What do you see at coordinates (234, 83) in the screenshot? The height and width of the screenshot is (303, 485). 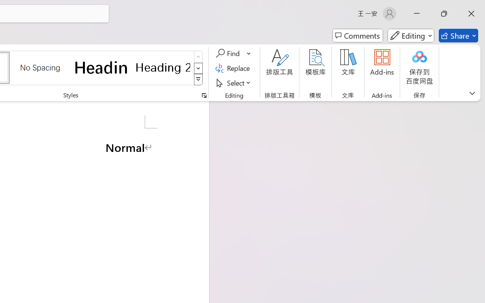 I see `'Select'` at bounding box center [234, 83].